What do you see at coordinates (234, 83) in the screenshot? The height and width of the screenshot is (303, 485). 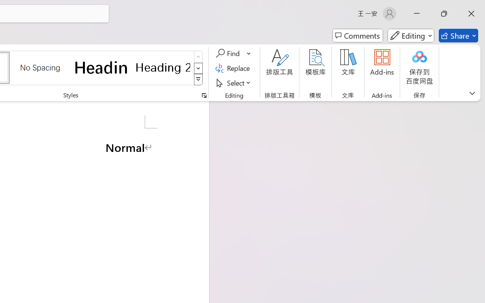 I see `'Select'` at bounding box center [234, 83].